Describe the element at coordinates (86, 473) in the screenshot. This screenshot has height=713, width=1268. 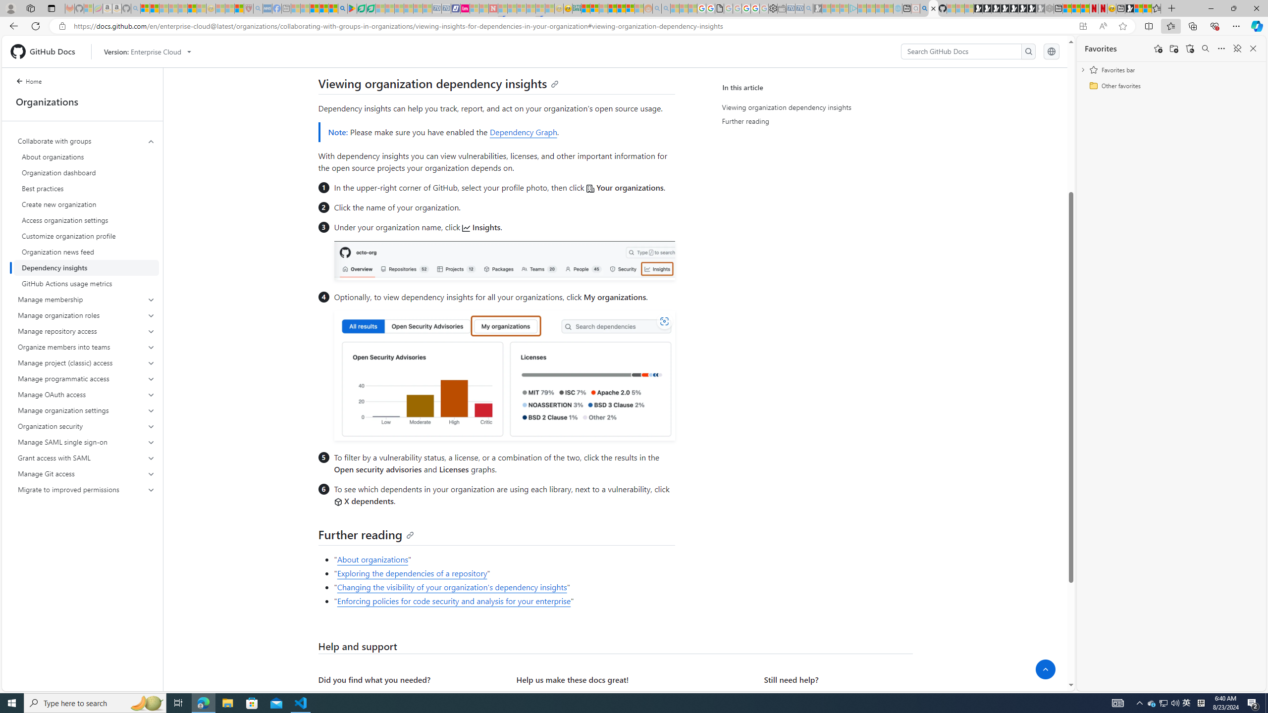
I see `'Manage Git access'` at that location.